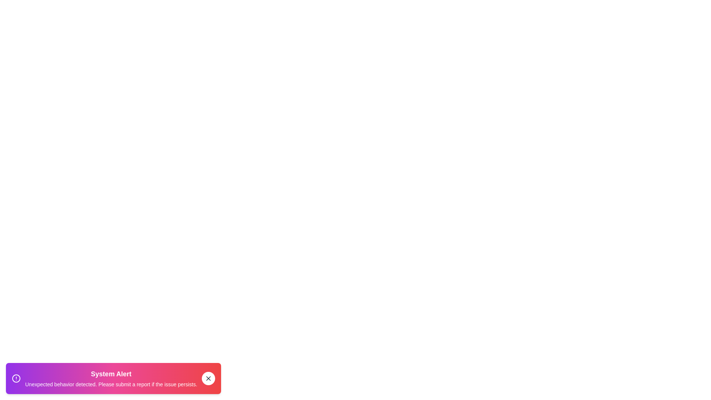  What do you see at coordinates (208, 379) in the screenshot?
I see `close button to dismiss the alert` at bounding box center [208, 379].